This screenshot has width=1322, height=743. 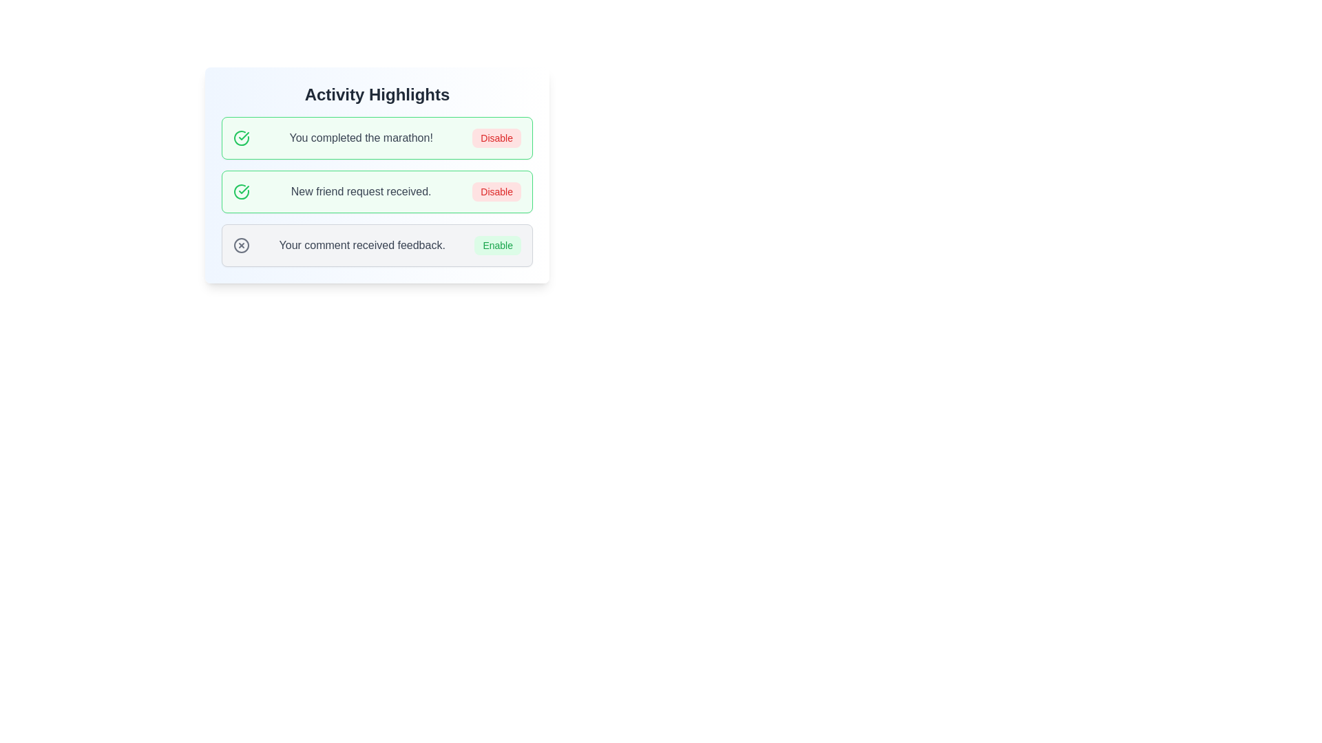 What do you see at coordinates (241, 191) in the screenshot?
I see `the friend request confirmation icon located in the second row of the notification list, immediately left of the text 'New friend request received.'` at bounding box center [241, 191].